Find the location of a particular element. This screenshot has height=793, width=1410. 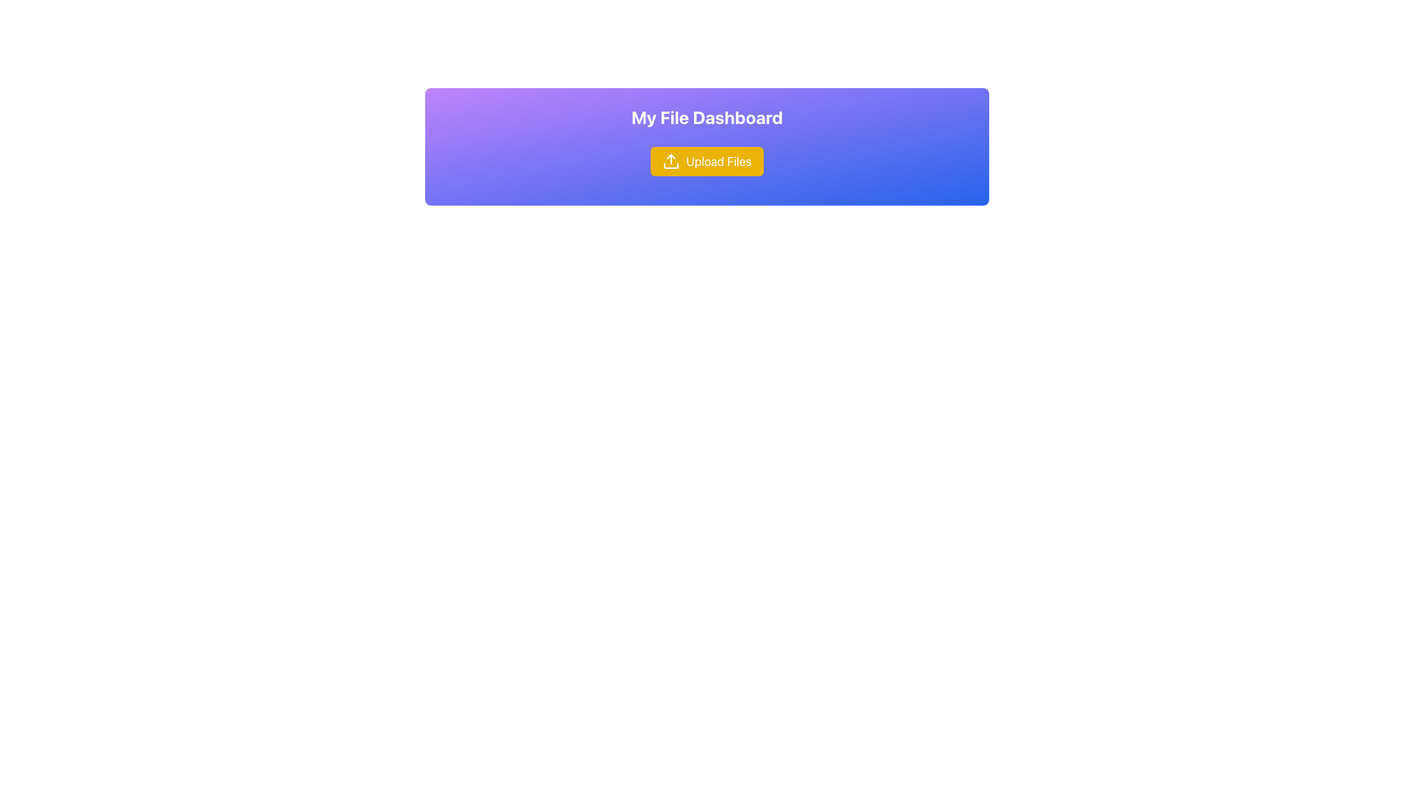

the upload icon, which features an upward-pointing arrow from a box, located on the left side of the 'Upload Files' button is located at coordinates (670, 161).